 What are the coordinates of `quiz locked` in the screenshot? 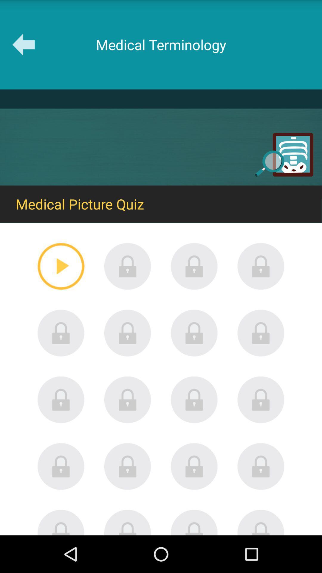 It's located at (127, 333).